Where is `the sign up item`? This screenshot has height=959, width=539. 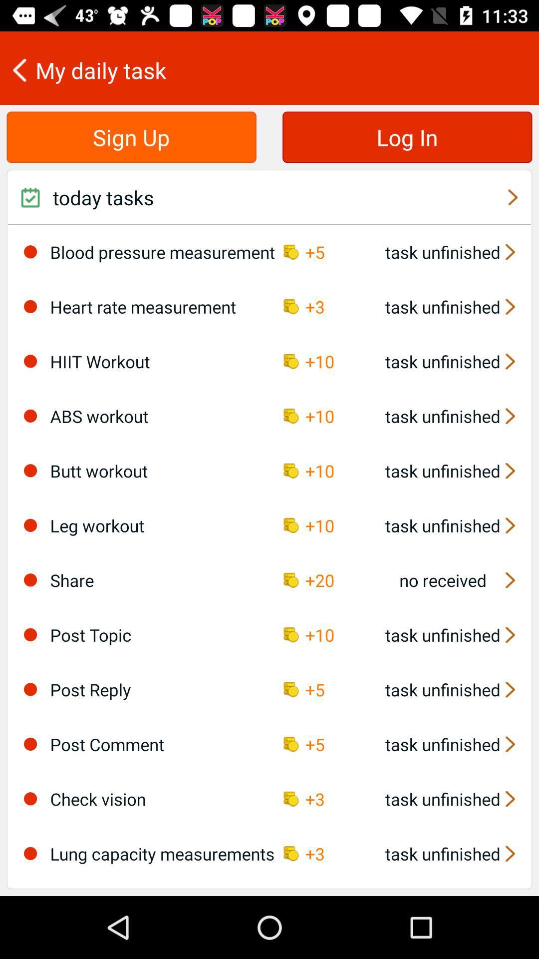 the sign up item is located at coordinates (131, 136).